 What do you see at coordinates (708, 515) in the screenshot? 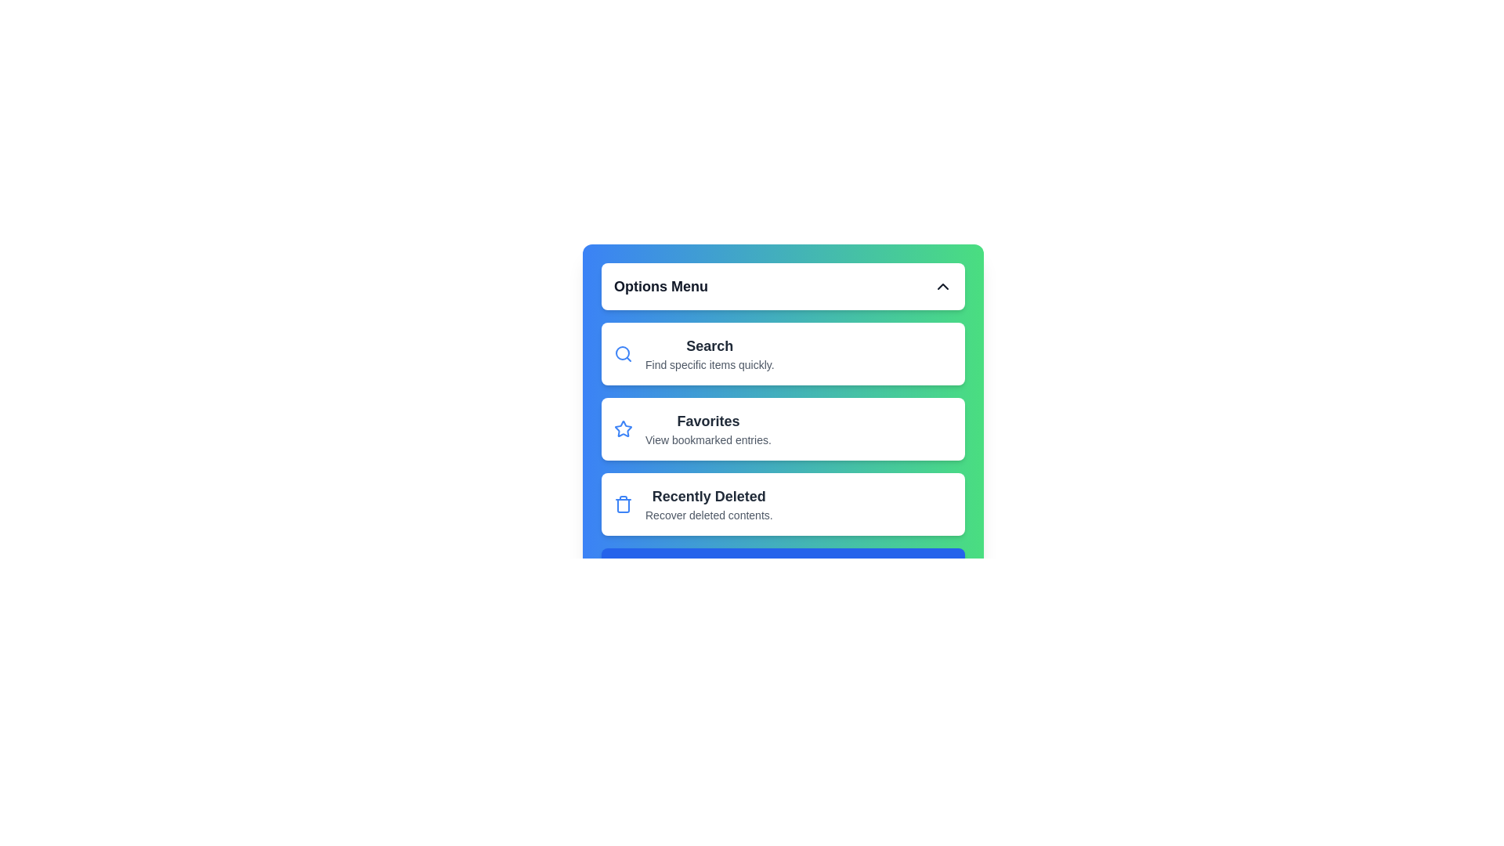
I see `the static text located immediately below the 'Recently Deleted' heading, which provides additional information about its functionality` at bounding box center [708, 515].